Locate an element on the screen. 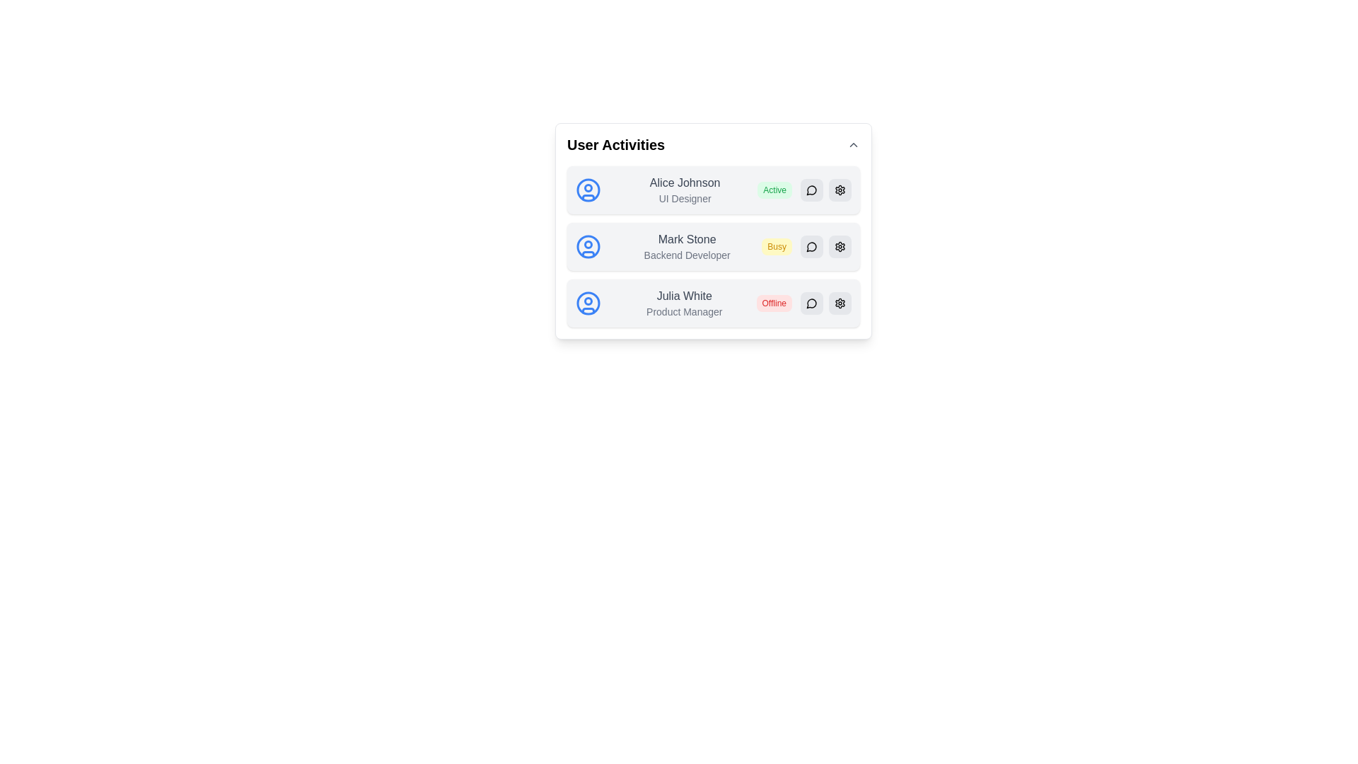 The image size is (1358, 764). displayed information from the Text block that shows user details, specifically located in the second row of the user activity list under the header 'User Activities', positioned between 'Alice Johnson' and 'Julia White' is located at coordinates (687, 245).